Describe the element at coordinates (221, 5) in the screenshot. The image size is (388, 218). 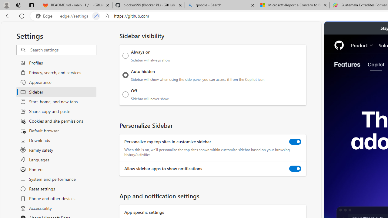
I see `'google - Search'` at that location.